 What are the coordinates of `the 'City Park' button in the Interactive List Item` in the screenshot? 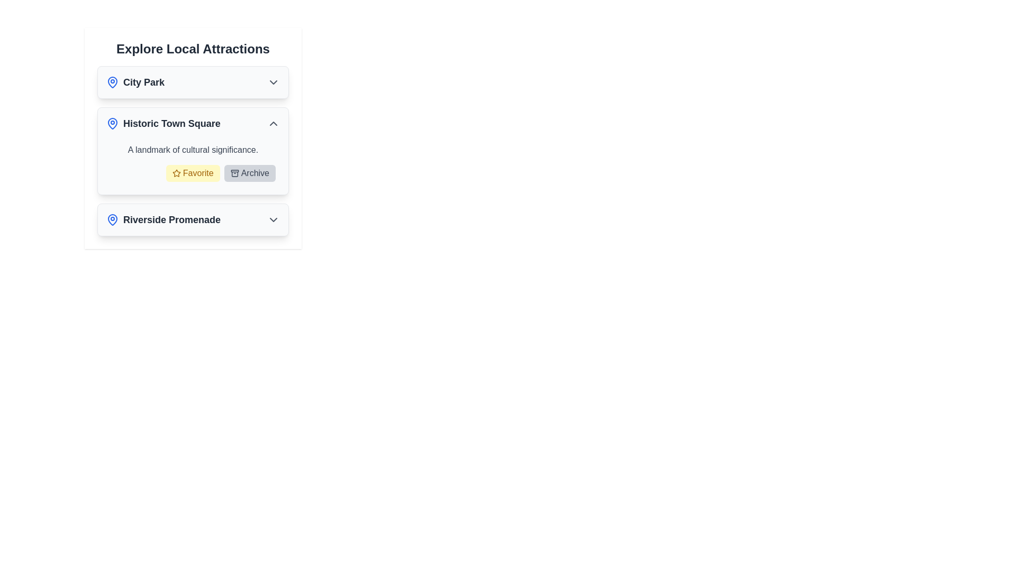 It's located at (193, 81).